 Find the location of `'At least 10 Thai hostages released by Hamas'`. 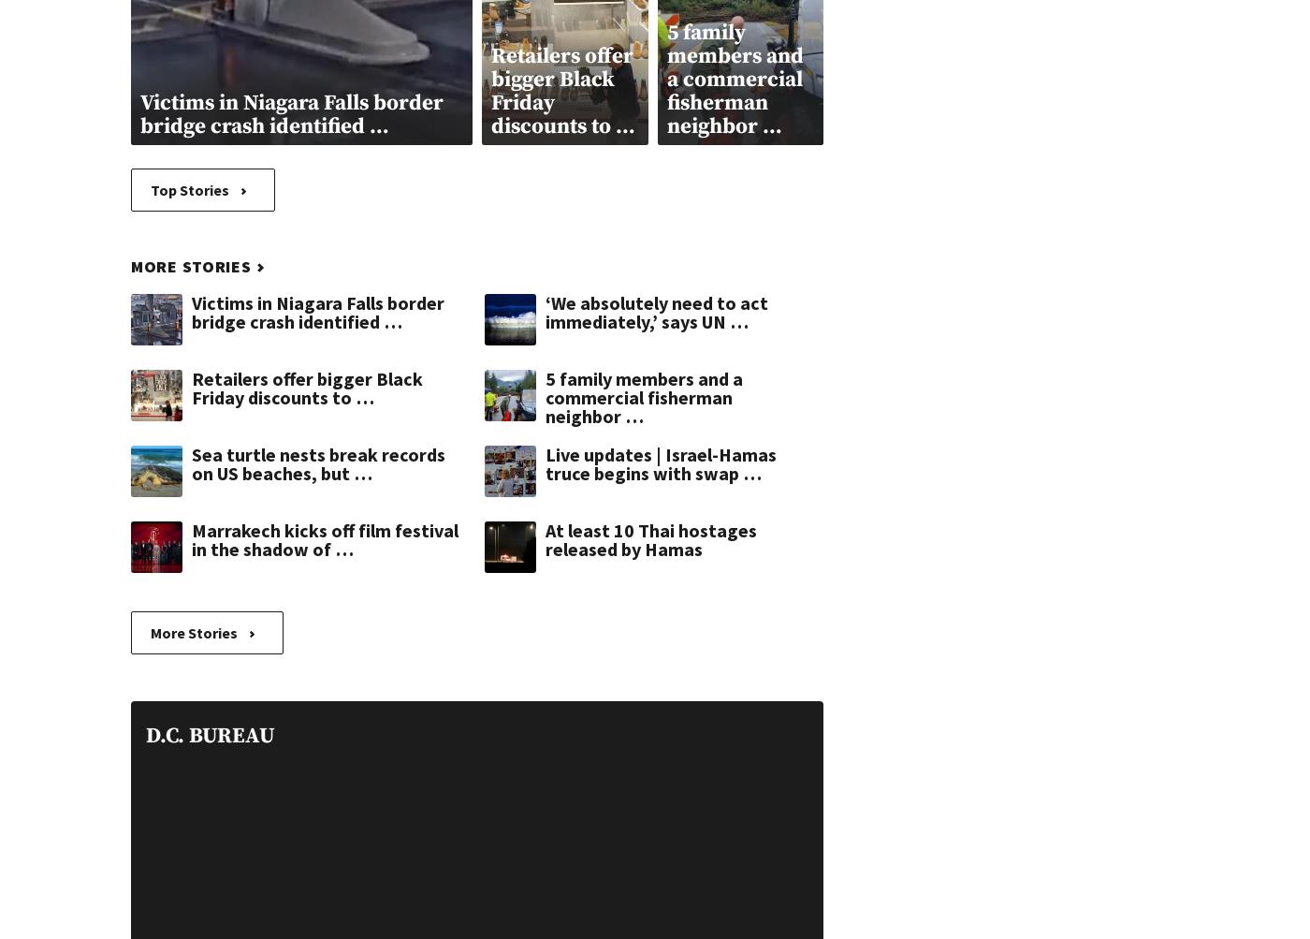

'At least 10 Thai hostages released by Hamas' is located at coordinates (650, 537).